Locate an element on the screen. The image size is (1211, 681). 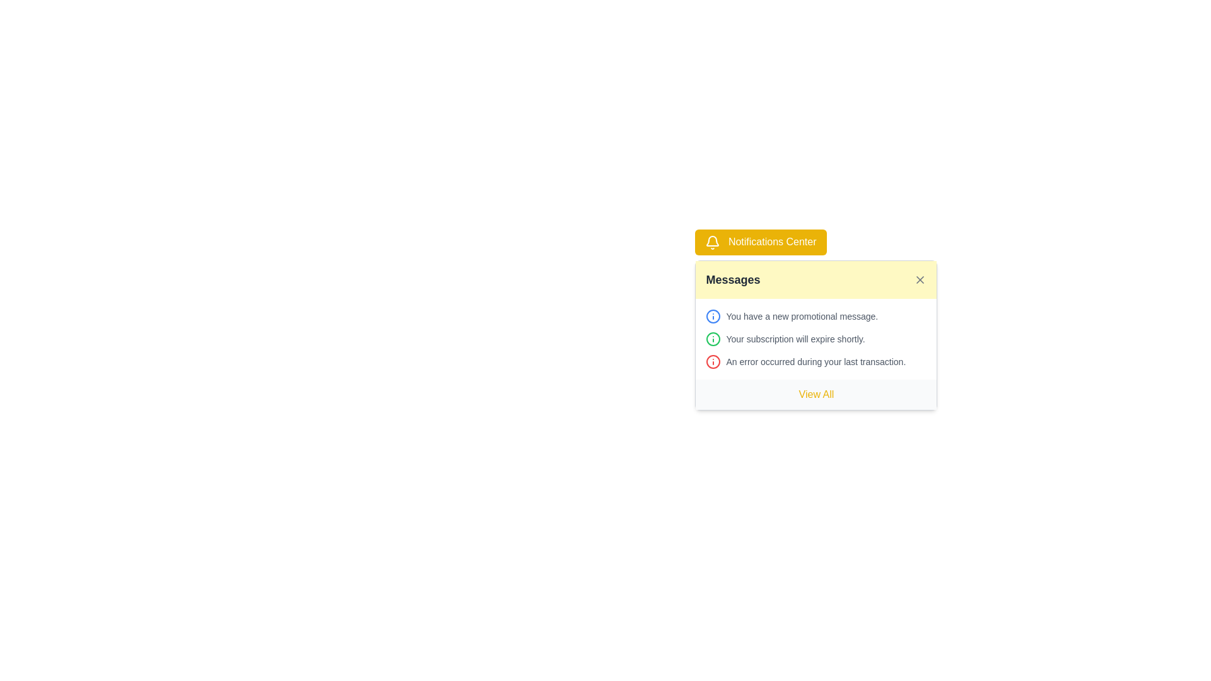
notification text from the first notification in the 'Notifications Center' card, which contains an icon and text indicating a new promotional message is located at coordinates (816, 315).